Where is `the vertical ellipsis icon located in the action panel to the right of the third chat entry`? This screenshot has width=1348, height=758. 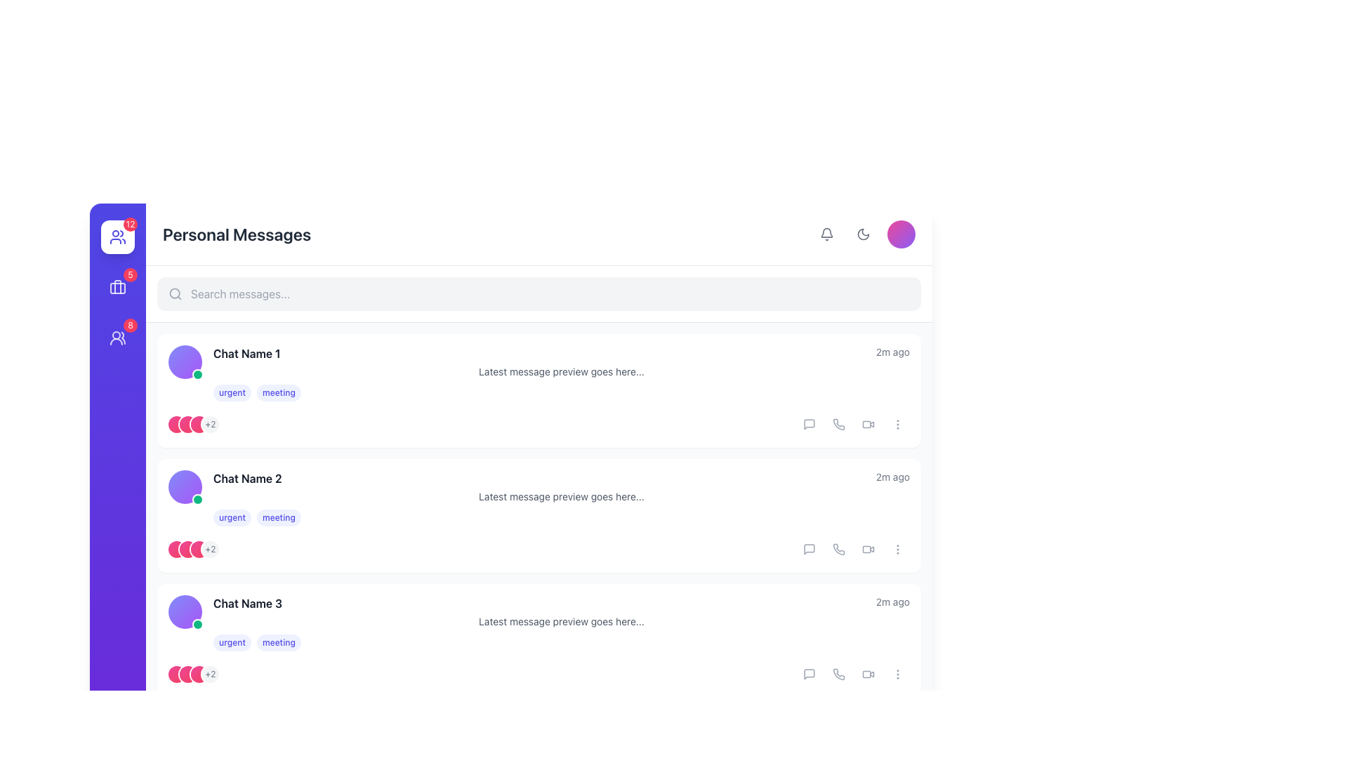
the vertical ellipsis icon located in the action panel to the right of the third chat entry is located at coordinates (897, 673).